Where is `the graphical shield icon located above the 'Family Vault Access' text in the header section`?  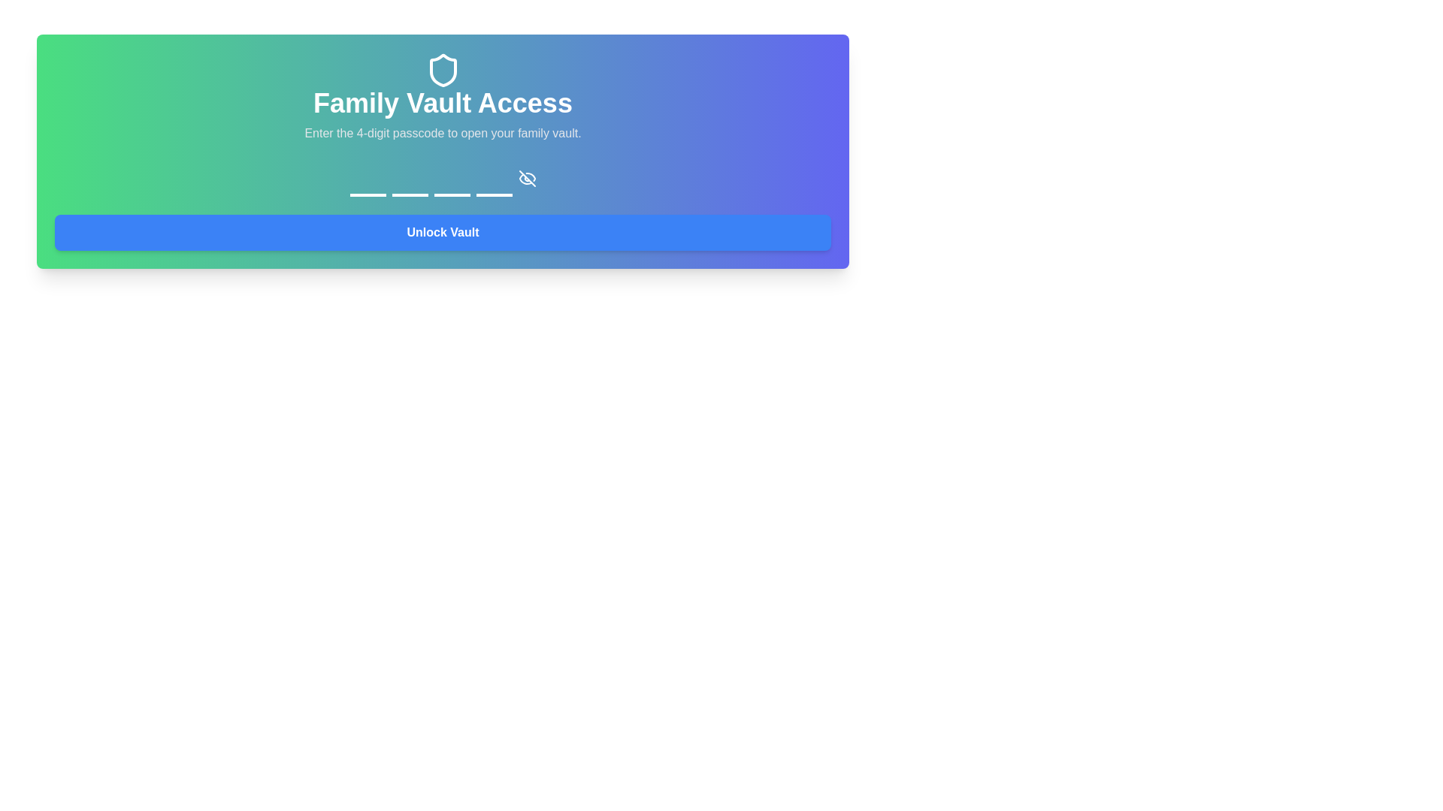
the graphical shield icon located above the 'Family Vault Access' text in the header section is located at coordinates (442, 70).